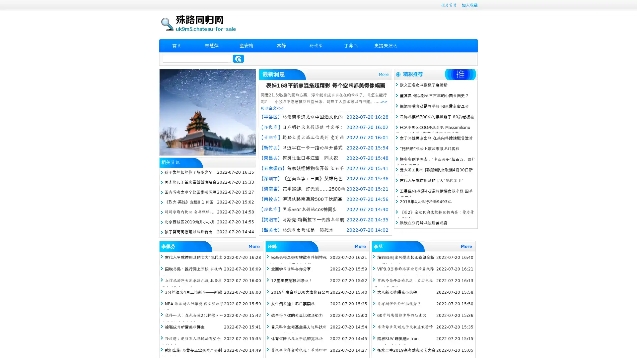  Describe the element at coordinates (238, 58) in the screenshot. I see `Search` at that location.